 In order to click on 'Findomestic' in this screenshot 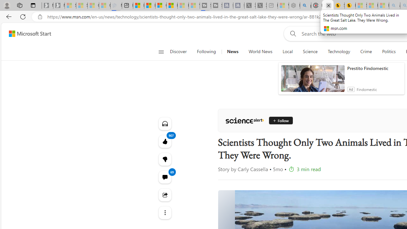, I will do `click(367, 89)`.